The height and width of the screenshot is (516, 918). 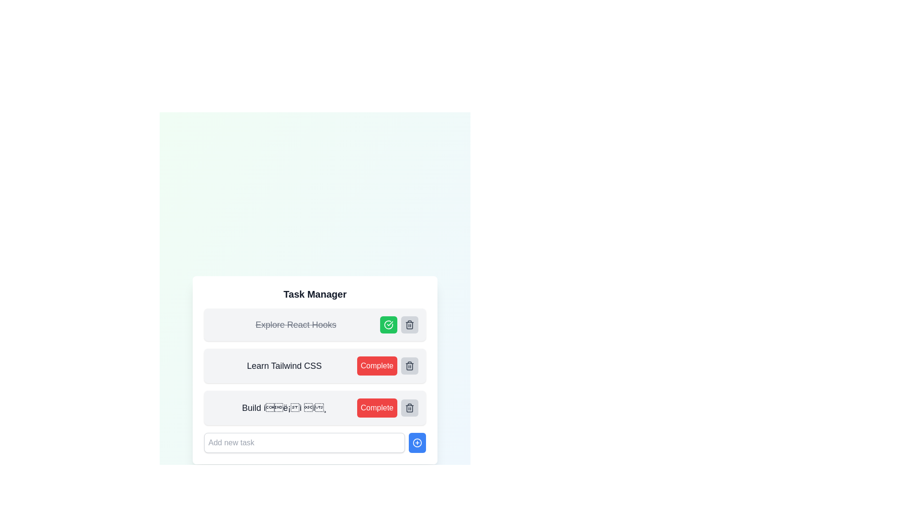 I want to click on delete button for the task with text 'Build íë¡ì í¸', so click(x=410, y=408).